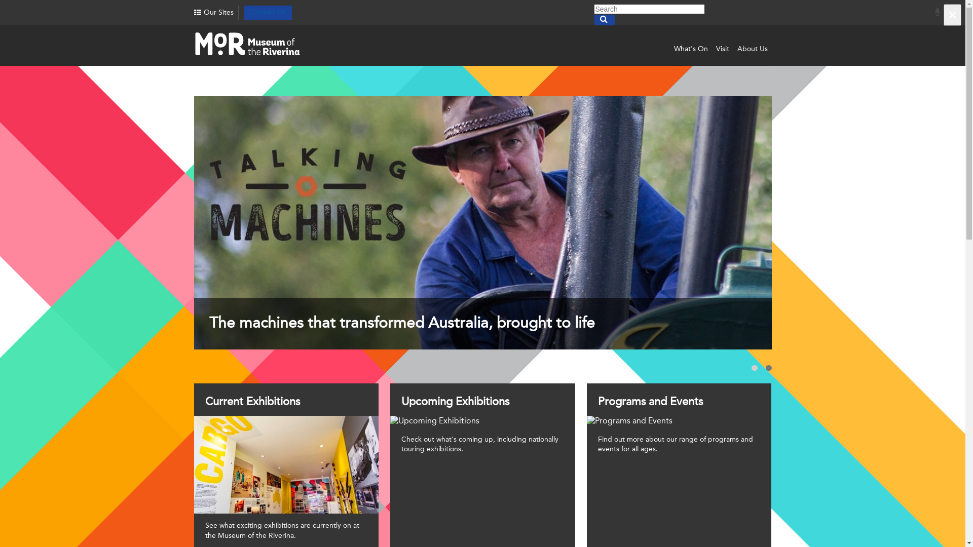 The image size is (973, 547). I want to click on 'Contact Us', so click(268, 12).